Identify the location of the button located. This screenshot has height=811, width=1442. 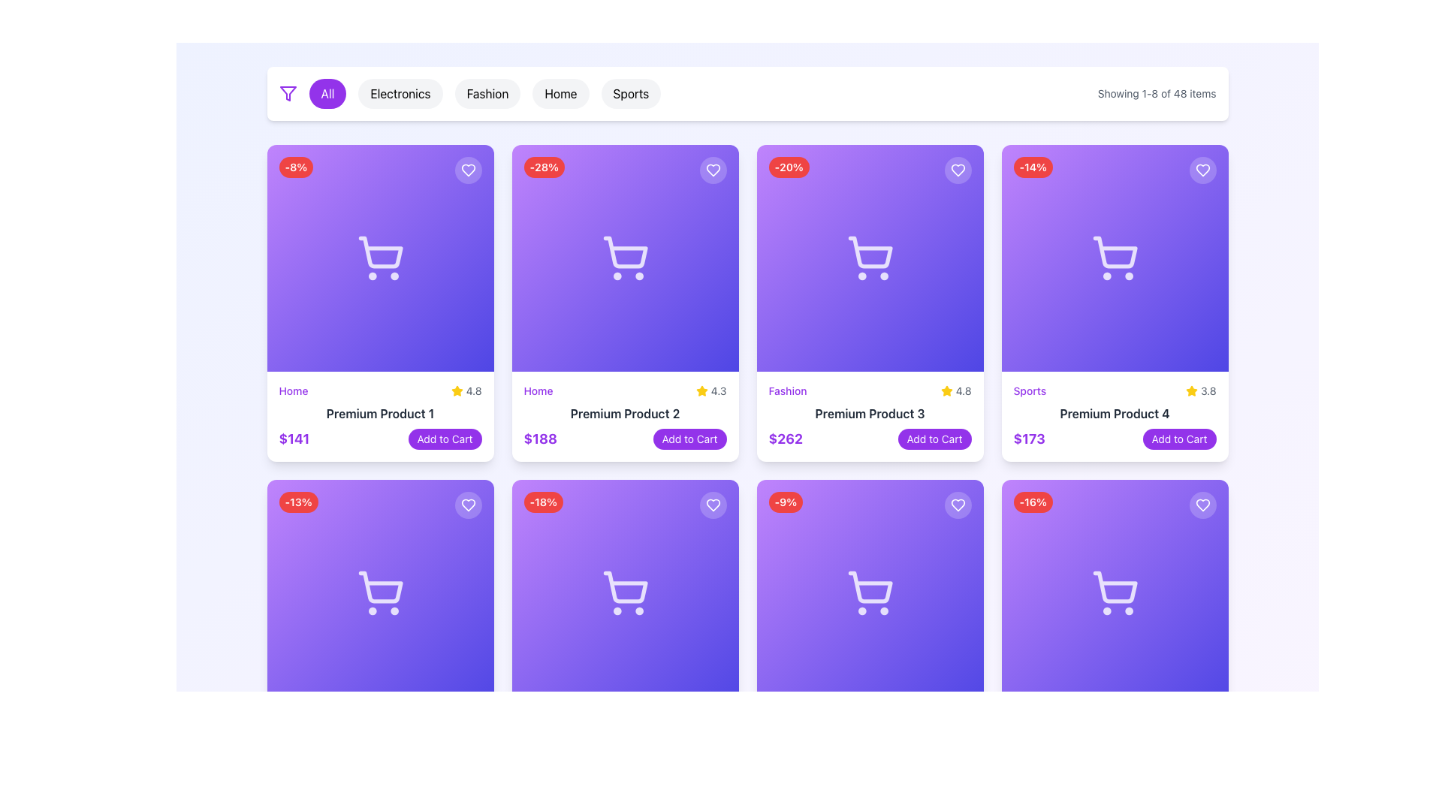
(444, 439).